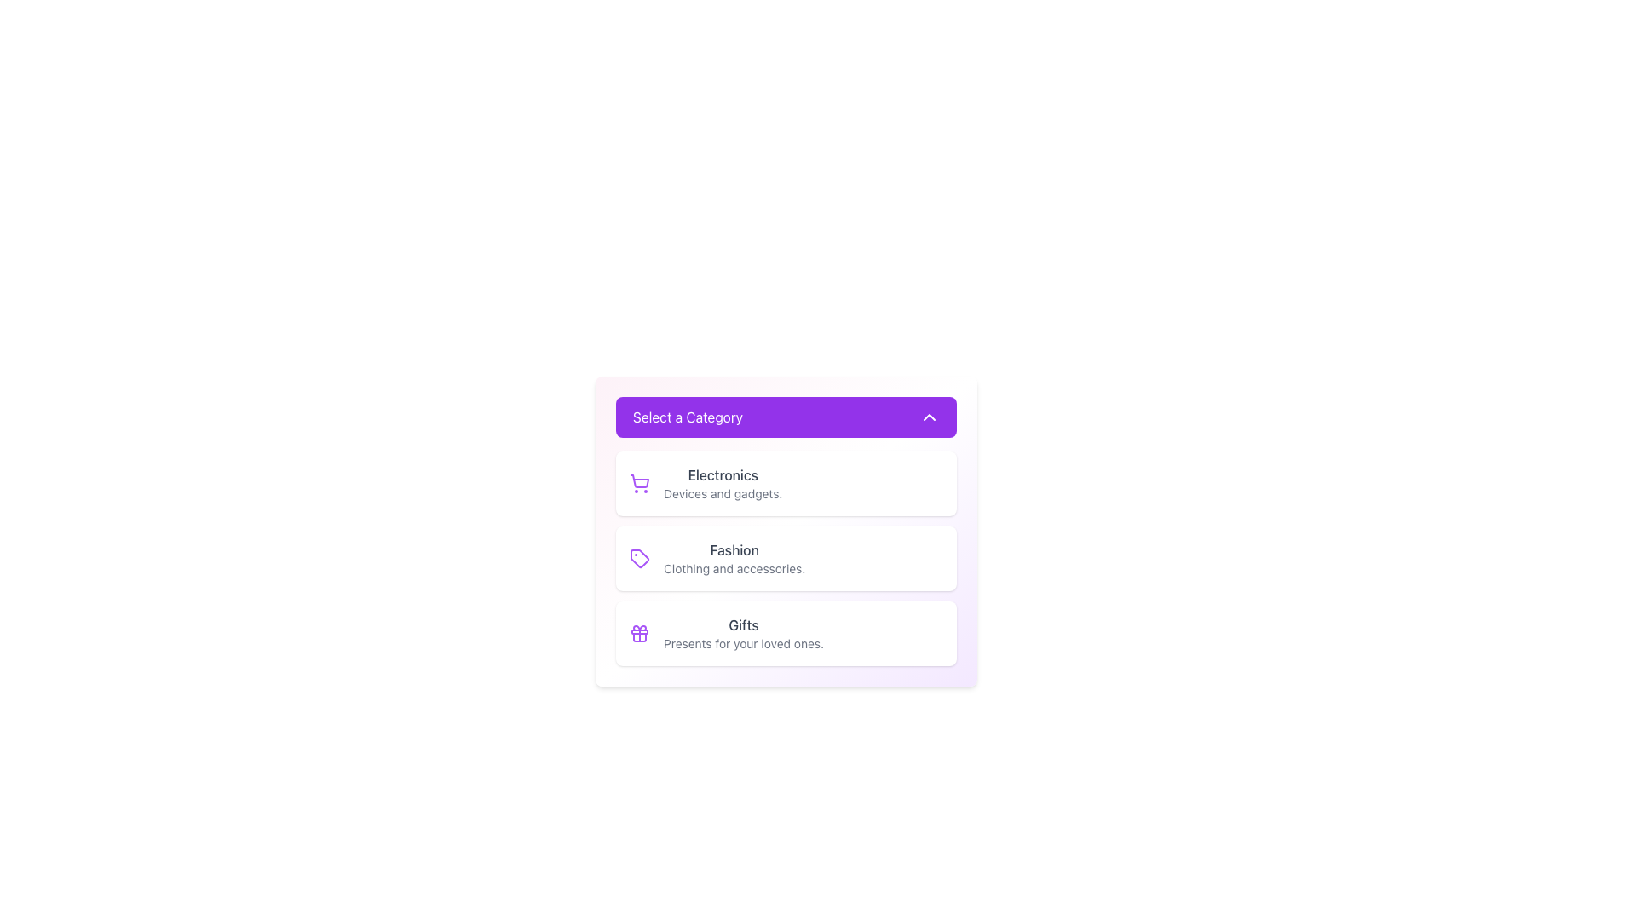 This screenshot has width=1636, height=920. I want to click on the text label displaying 'Fashion', which is styled in a medium-sized font and dark gray color, located in the category list under 'Select a Category', so click(734, 549).